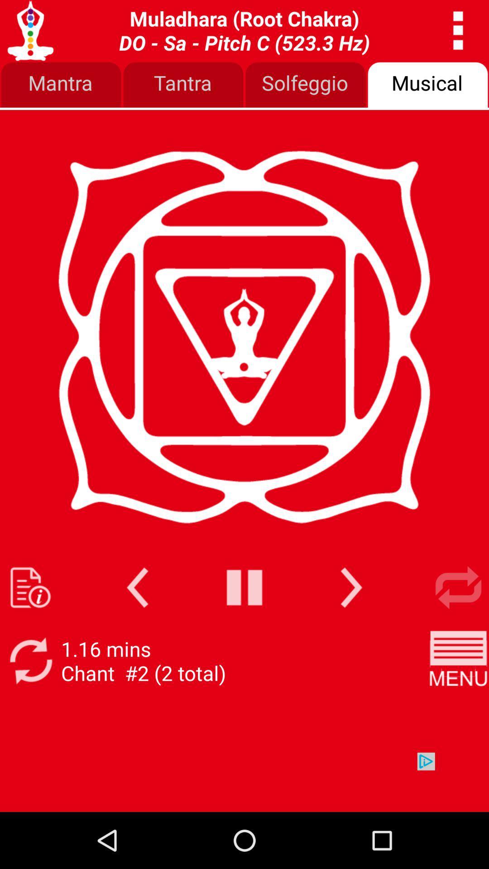 The image size is (489, 869). I want to click on next, so click(351, 587).